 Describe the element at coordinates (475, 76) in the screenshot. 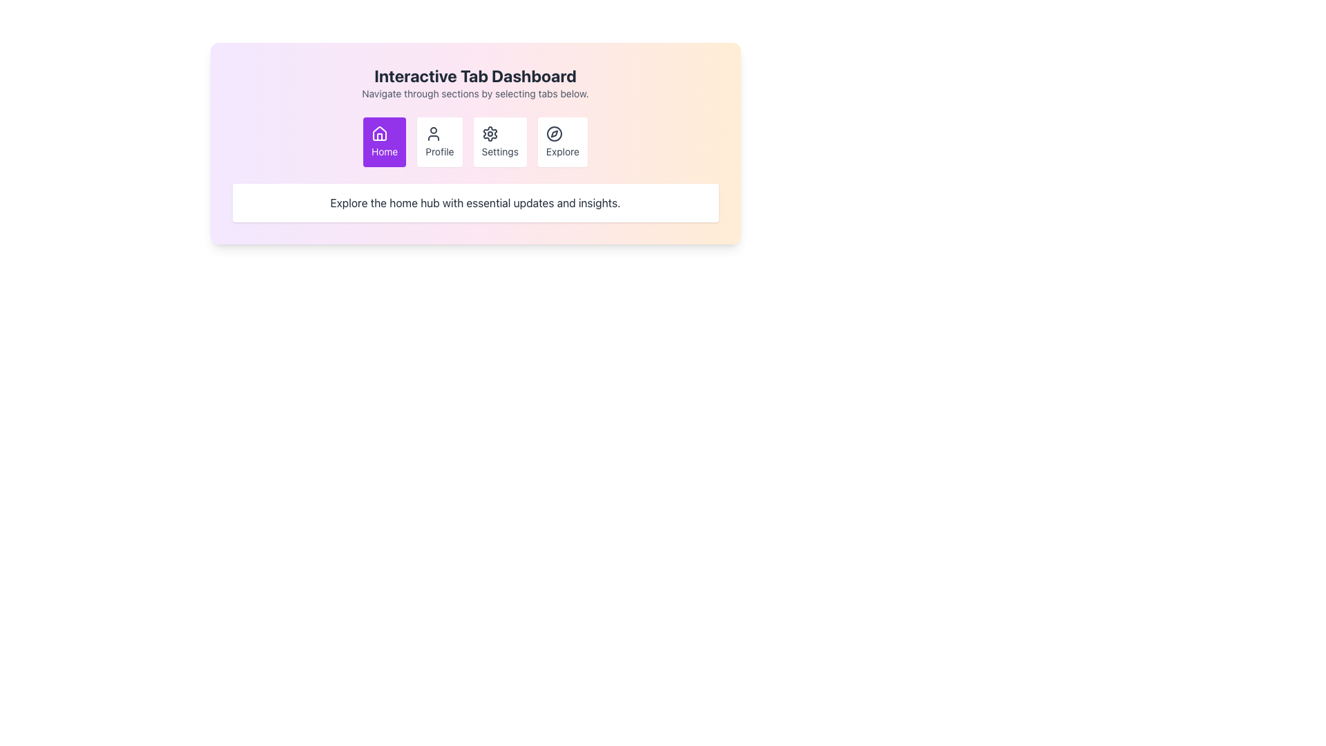

I see `the bold header text 'Interactive Tab Dashboard'` at that location.